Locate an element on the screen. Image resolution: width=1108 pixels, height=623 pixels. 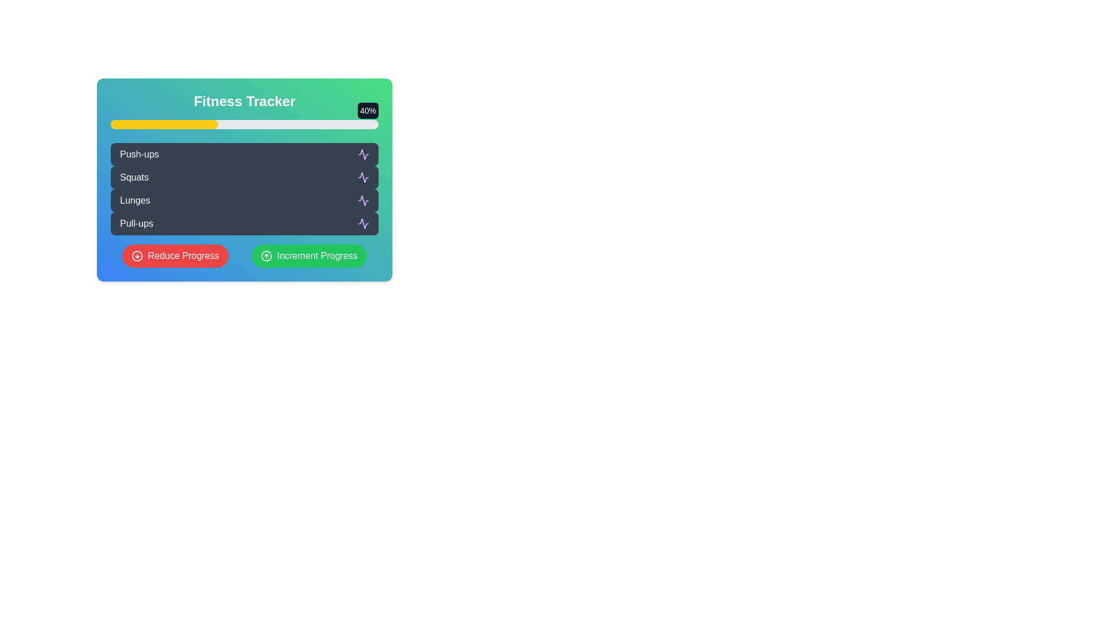
the leftmost segment of the progress bar that visually represents 40% progress, located at the top of the application interface is located at coordinates (163, 125).